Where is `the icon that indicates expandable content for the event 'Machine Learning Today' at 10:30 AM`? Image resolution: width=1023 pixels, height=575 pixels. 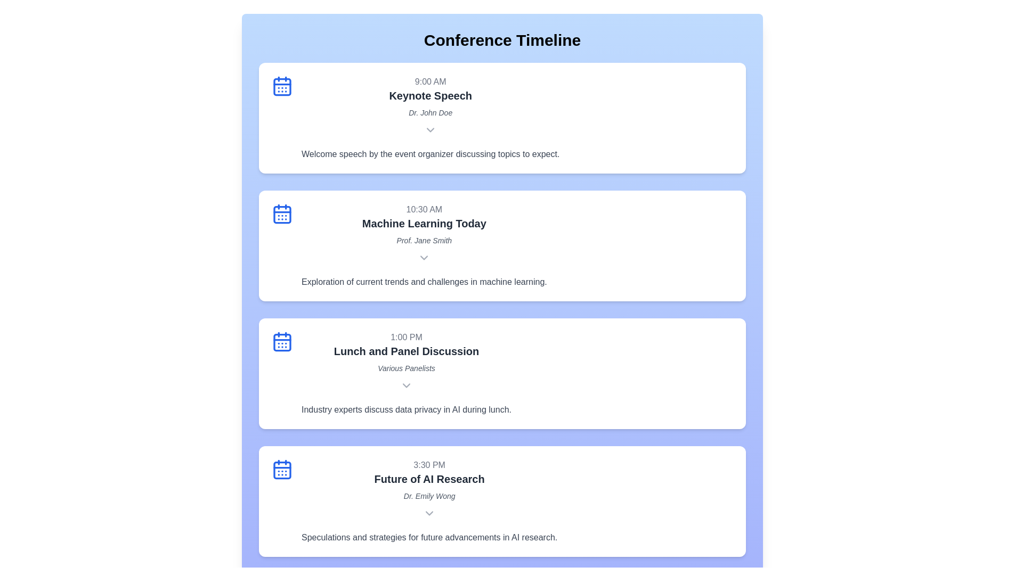
the icon that indicates expandable content for the event 'Machine Learning Today' at 10:30 AM is located at coordinates (424, 259).